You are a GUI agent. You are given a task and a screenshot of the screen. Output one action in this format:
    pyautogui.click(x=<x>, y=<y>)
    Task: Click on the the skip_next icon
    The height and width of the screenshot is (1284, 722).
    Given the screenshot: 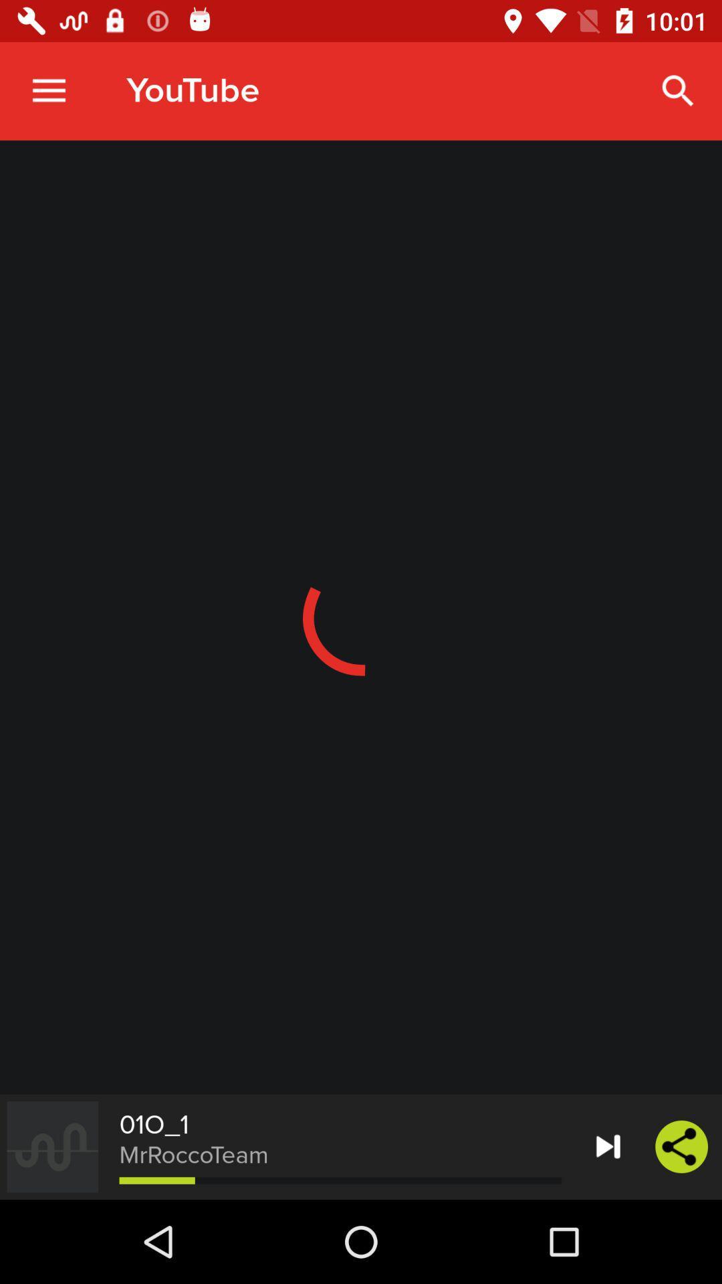 What is the action you would take?
    pyautogui.click(x=608, y=1146)
    